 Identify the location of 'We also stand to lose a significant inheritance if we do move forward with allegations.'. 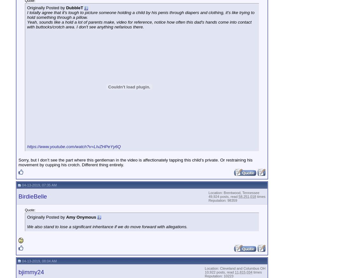
(107, 226).